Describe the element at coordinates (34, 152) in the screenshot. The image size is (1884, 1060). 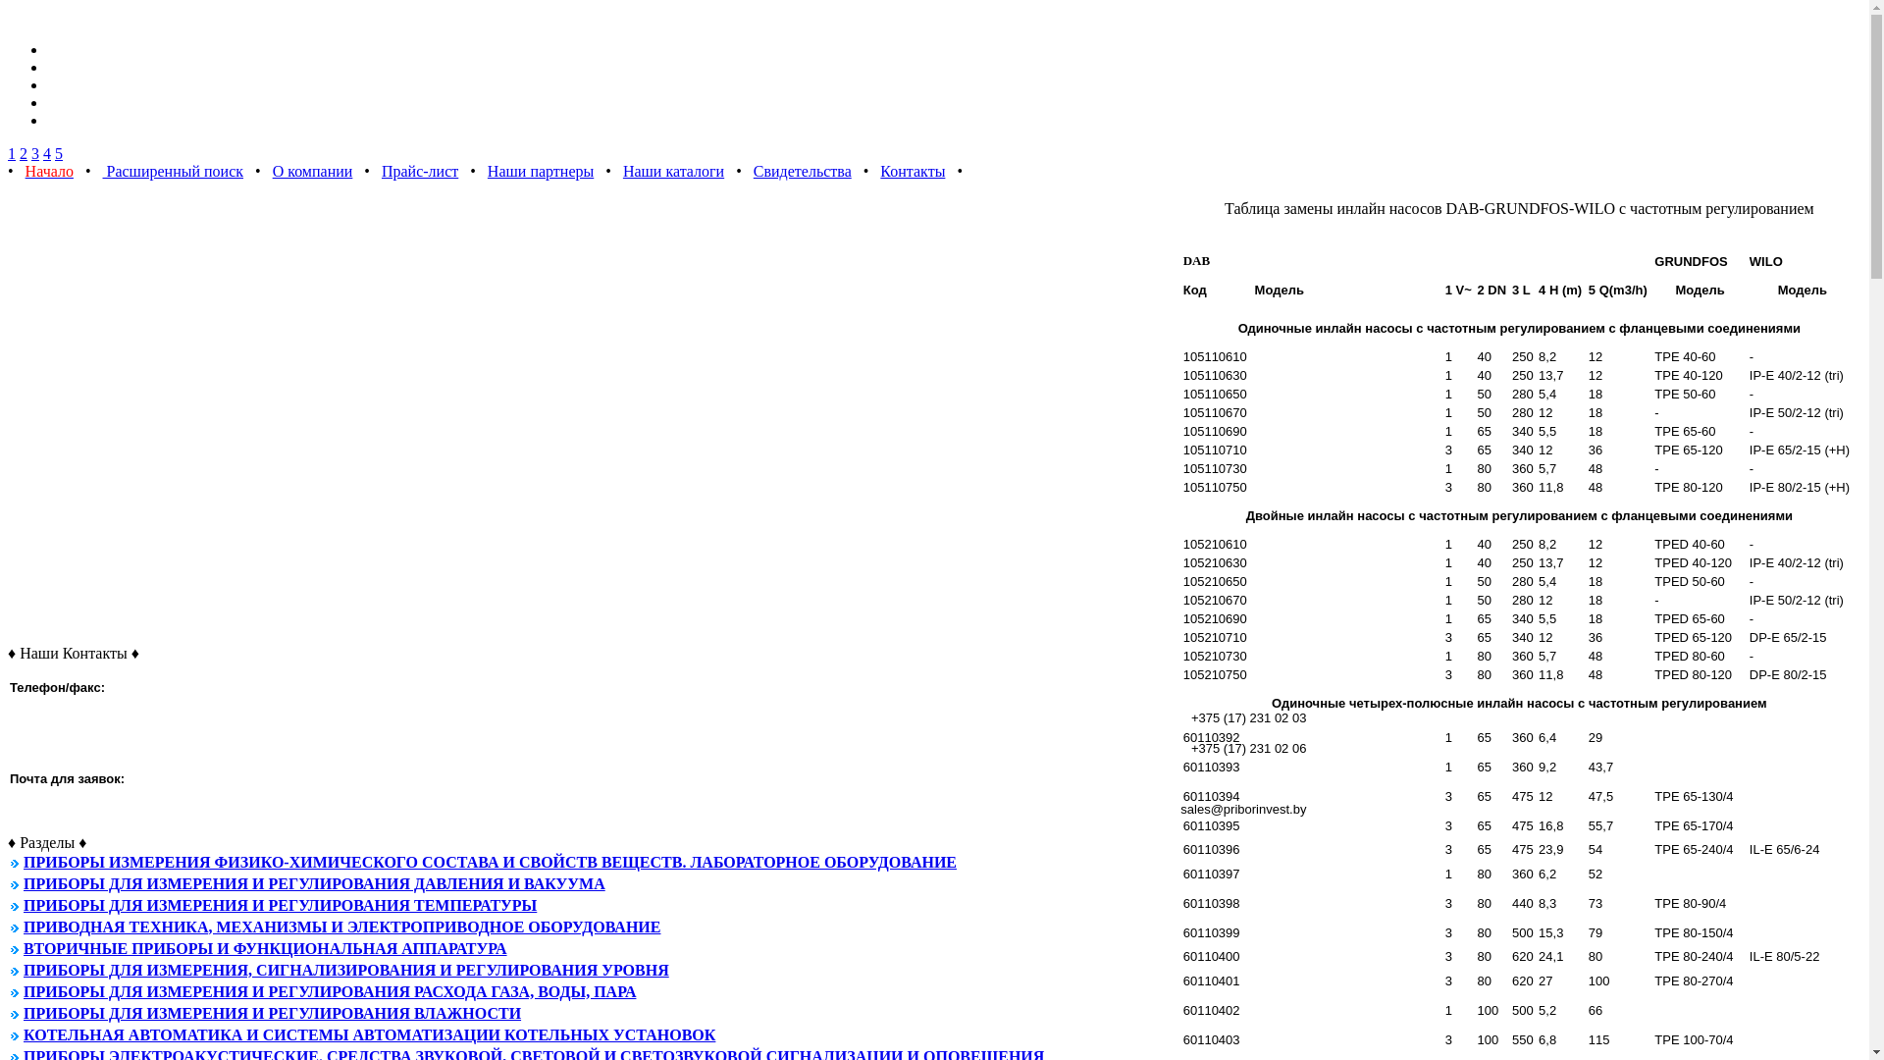
I see `'3'` at that location.